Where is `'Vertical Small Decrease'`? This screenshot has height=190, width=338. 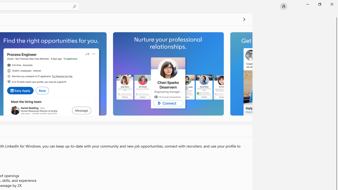
'Vertical Small Decrease' is located at coordinates (336, 14).